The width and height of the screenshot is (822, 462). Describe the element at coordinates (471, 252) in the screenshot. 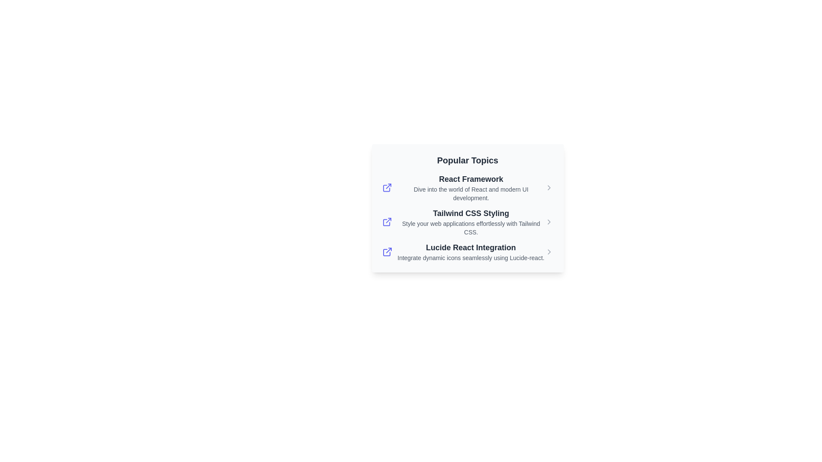

I see `the third item in the 'Popular Topics' list that provides information about the integration with Lucide React` at that location.